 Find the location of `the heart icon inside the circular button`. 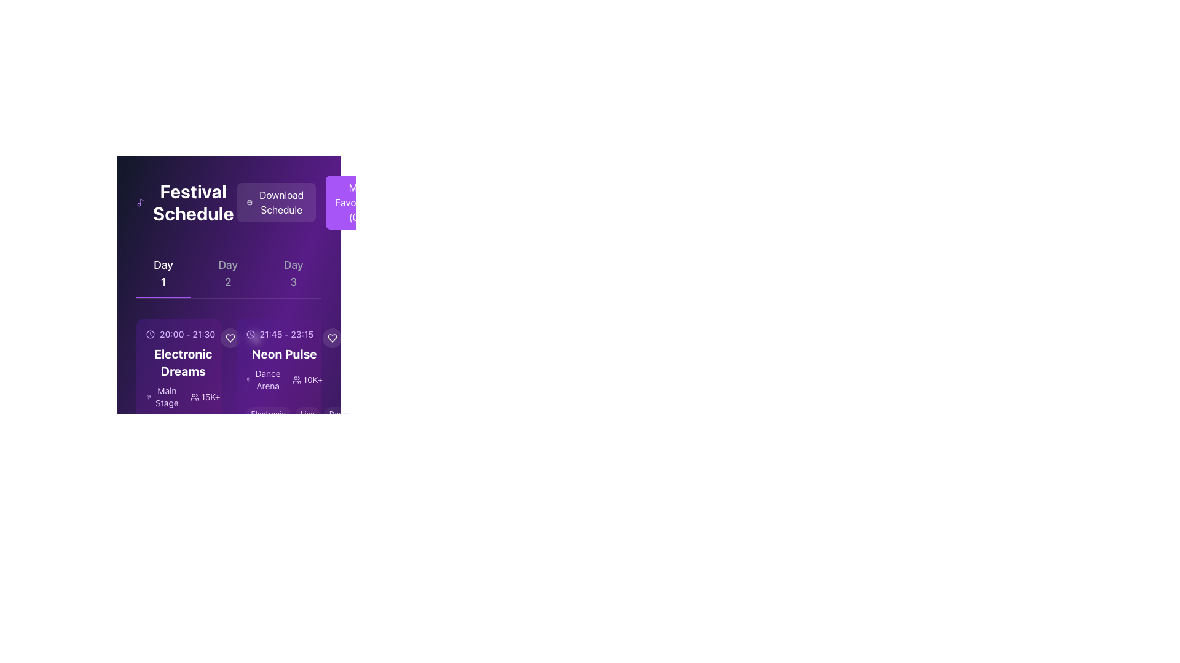

the heart icon inside the circular button is located at coordinates (230, 338).